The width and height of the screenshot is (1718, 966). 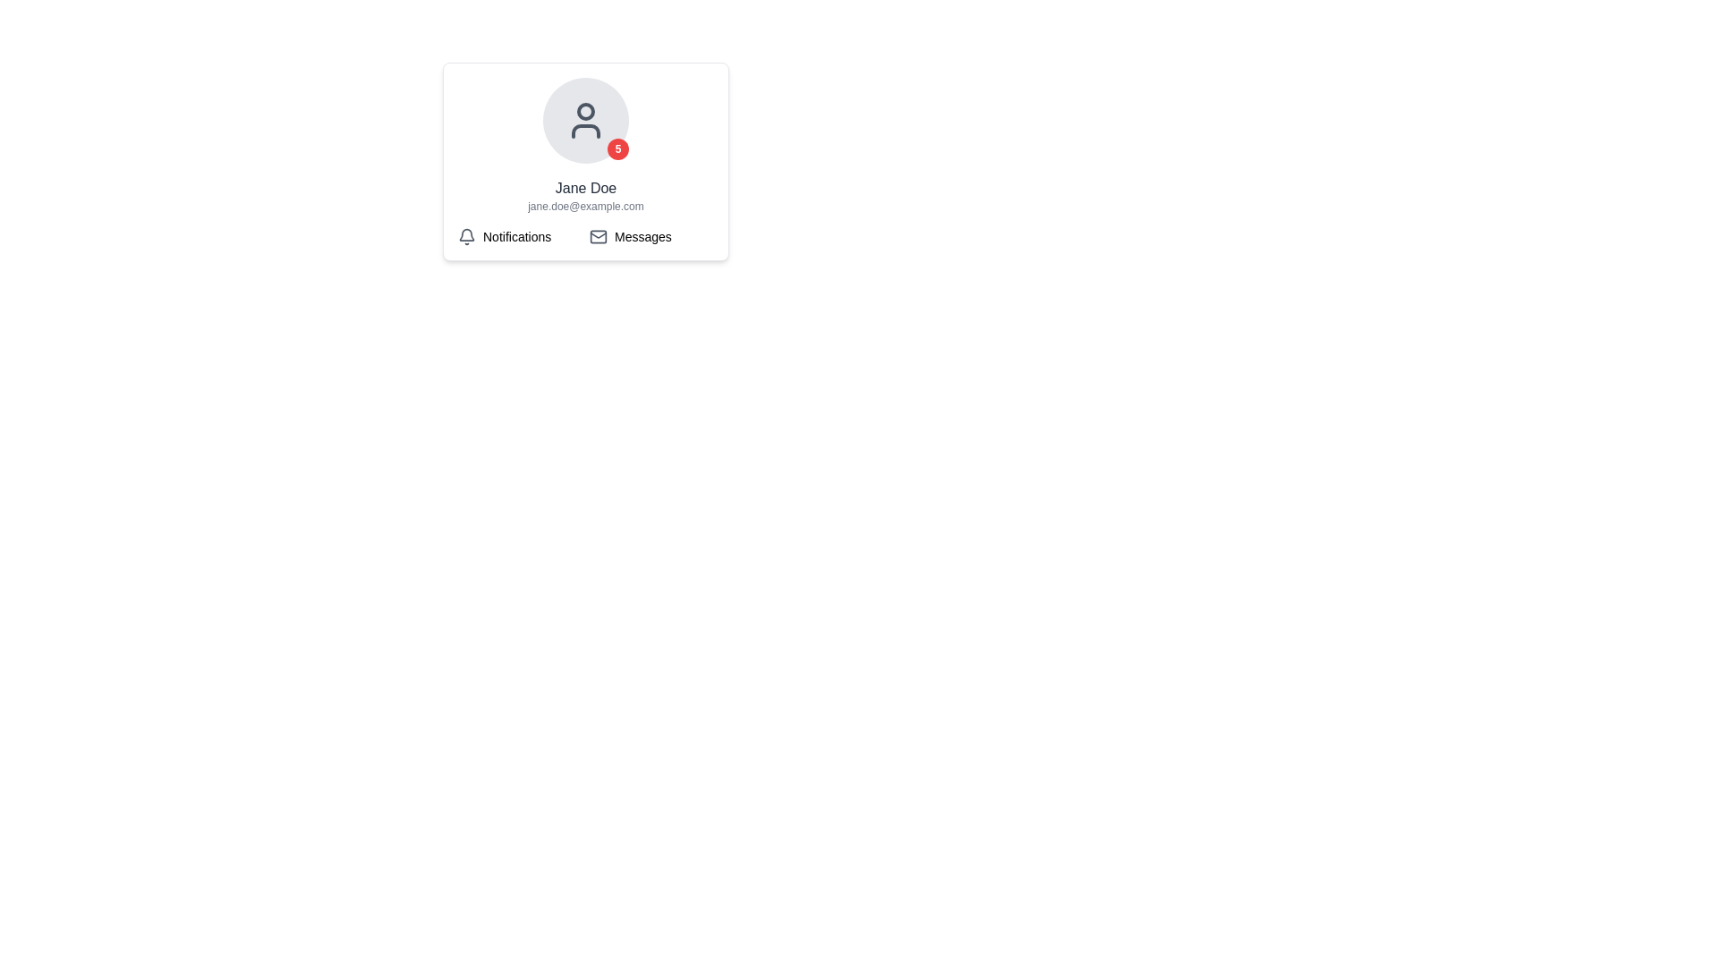 What do you see at coordinates (467, 233) in the screenshot?
I see `the bell icon in the user card interface that represents notifications and alerts` at bounding box center [467, 233].